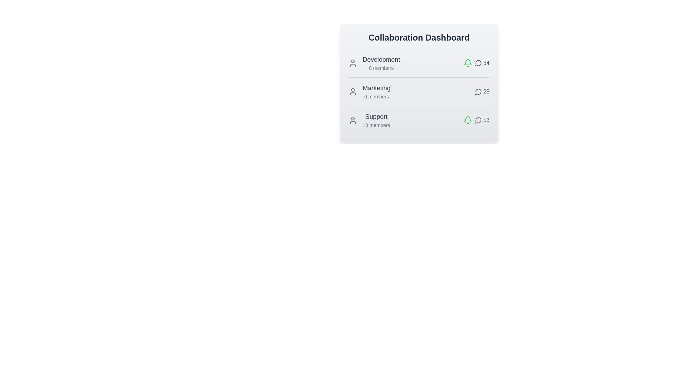  I want to click on the notification bell icon for the team Support, so click(468, 120).